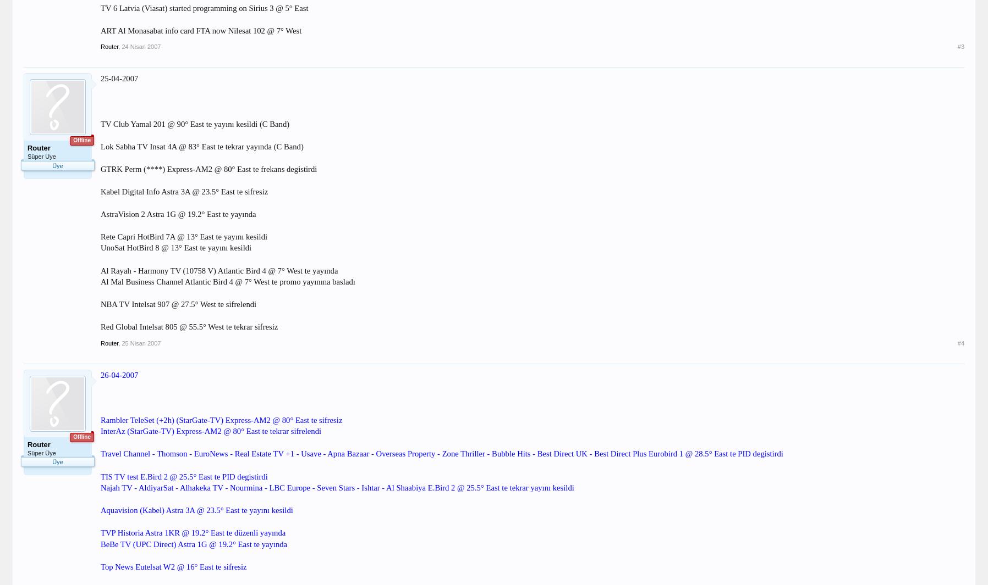  I want to click on 'TV Club Yamal 201 @ 90° East te yayını kesildi (C Band)', so click(194, 123).